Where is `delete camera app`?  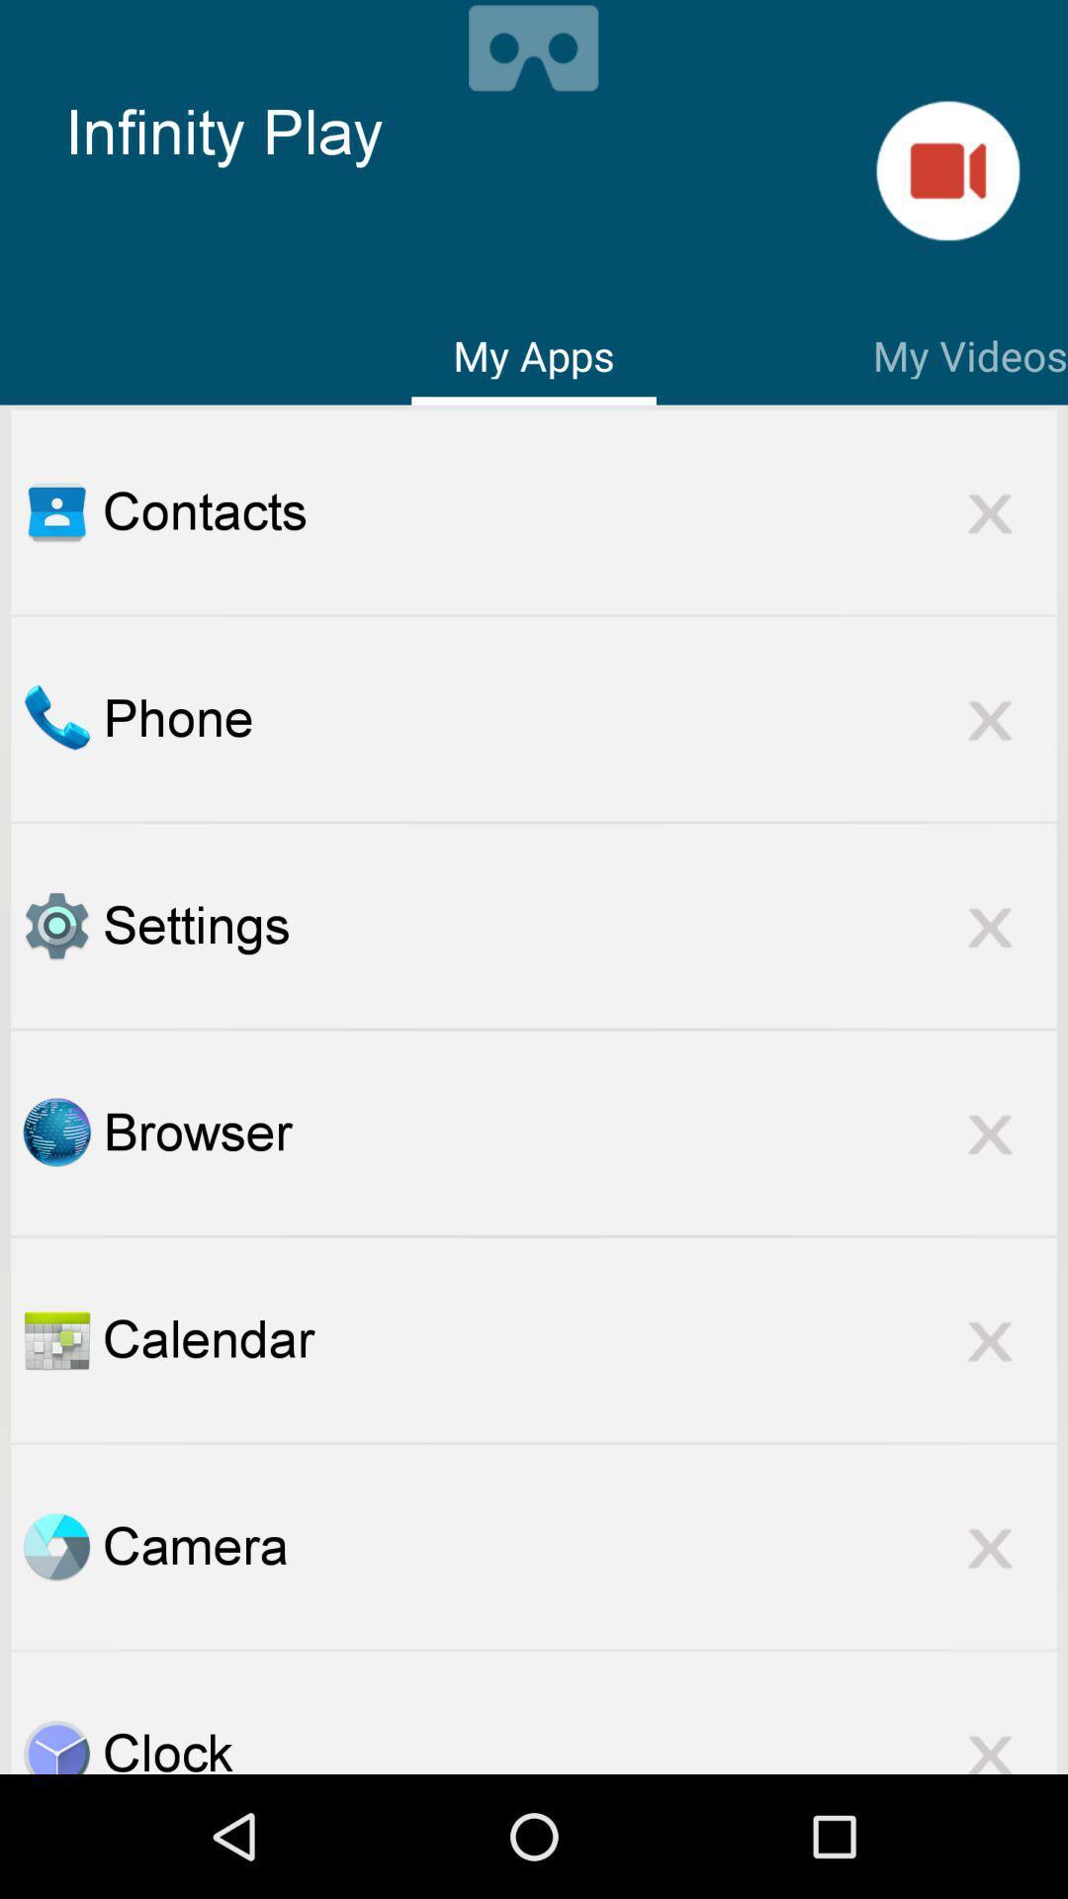
delete camera app is located at coordinates (990, 1546).